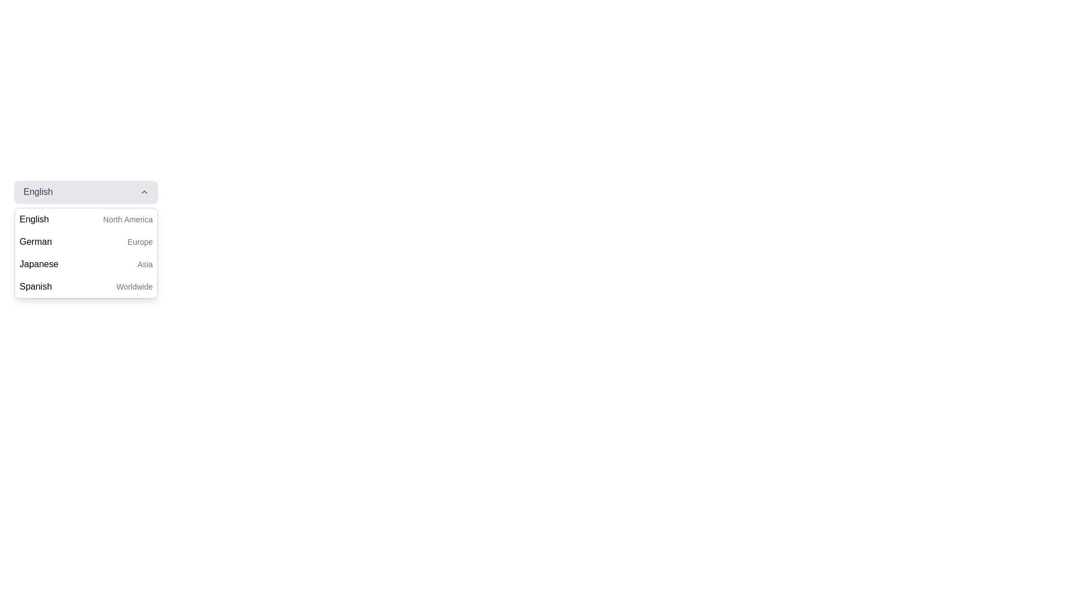 Image resolution: width=1075 pixels, height=605 pixels. I want to click on the text label displaying 'Asia', which is positioned to the right of the 'Japanese' text in the dropdown menu list, so click(144, 264).